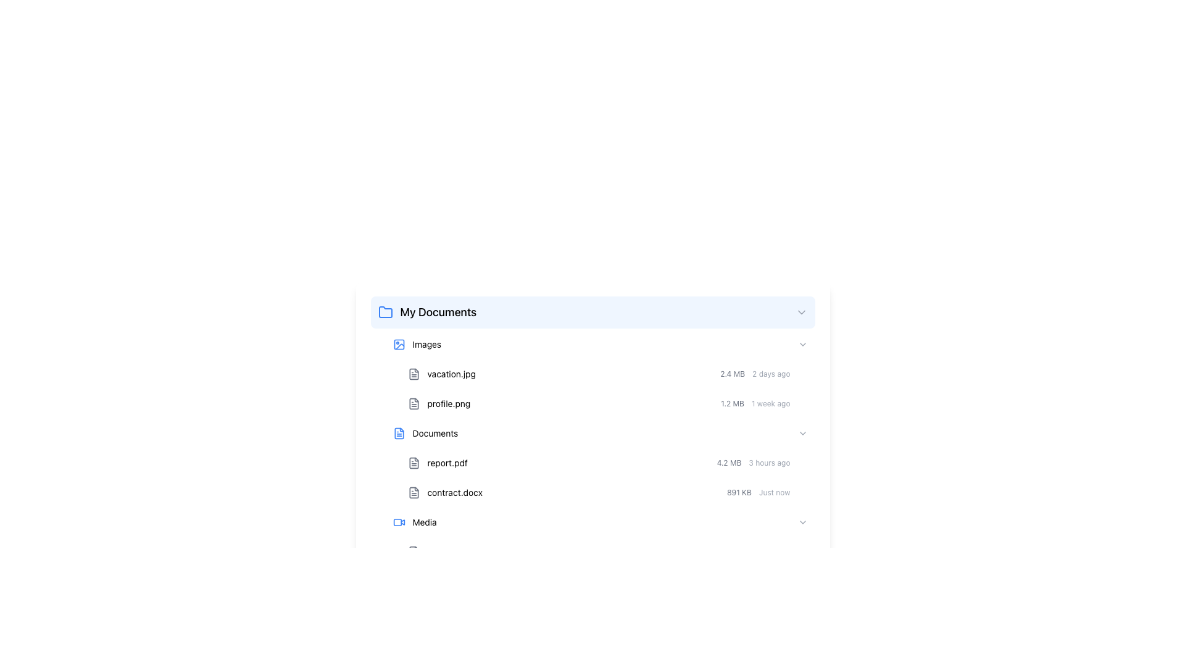 The height and width of the screenshot is (667, 1185). I want to click on the text label displaying the filename 'contract.docx', so click(454, 492).